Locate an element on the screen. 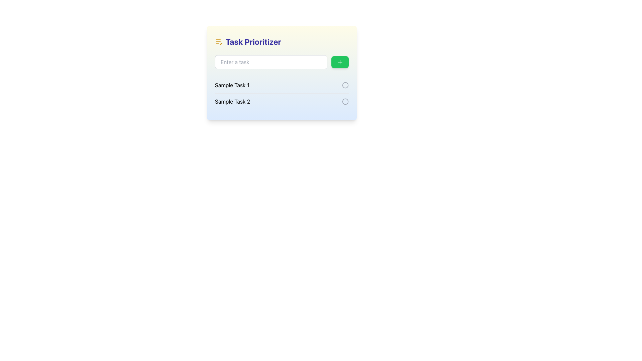  the icon button with a plus sign design located on the right side of the text input field is located at coordinates (340, 62).